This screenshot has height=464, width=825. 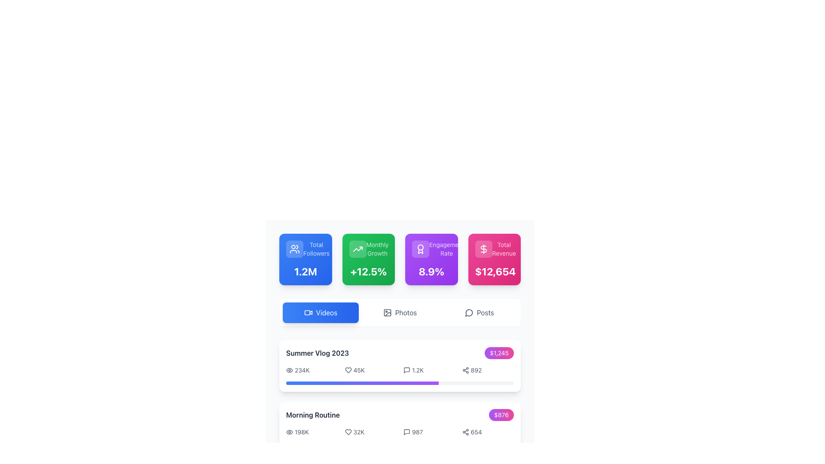 I want to click on the 'like' or 'favorite' icon located, so click(x=348, y=432).